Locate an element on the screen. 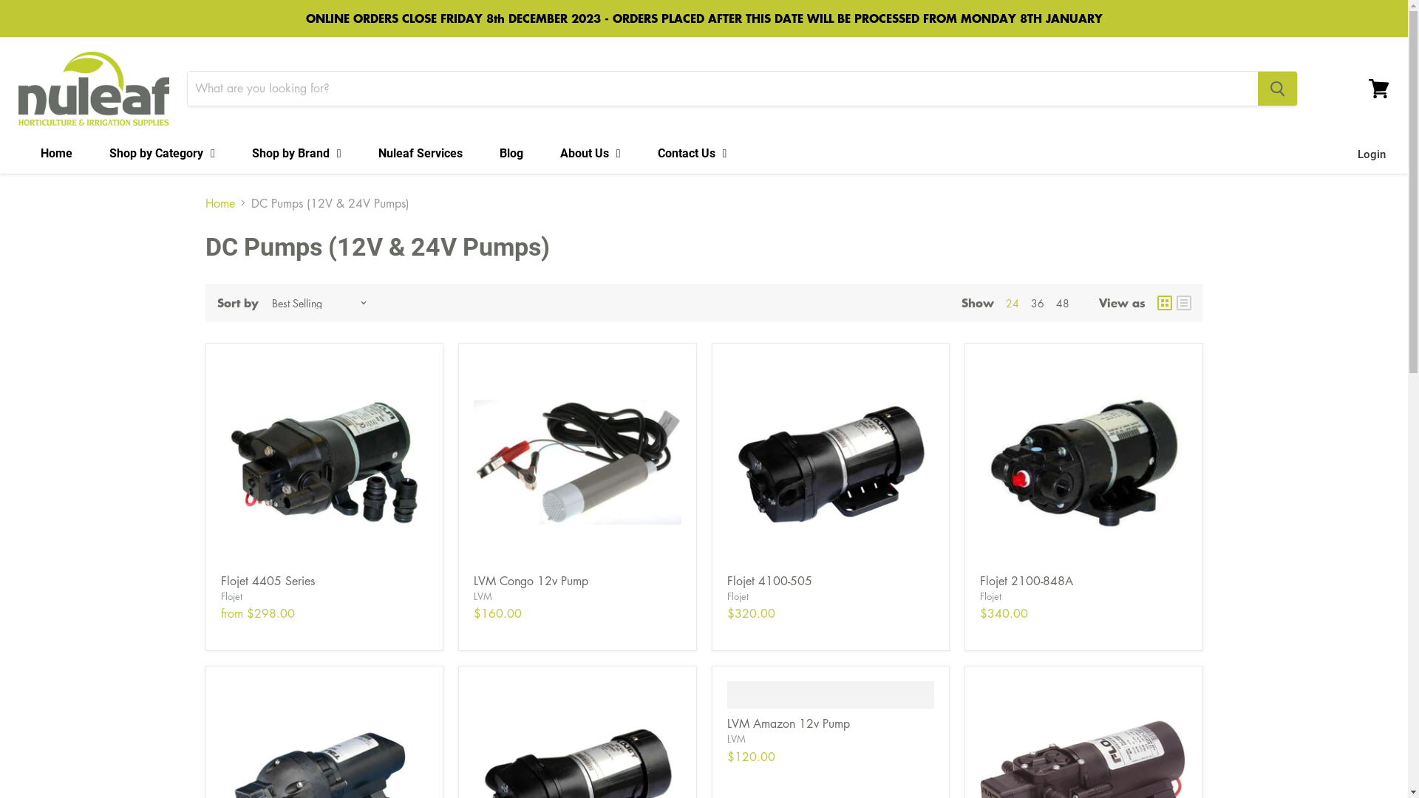  'Nuleaf Services' is located at coordinates (416, 153).